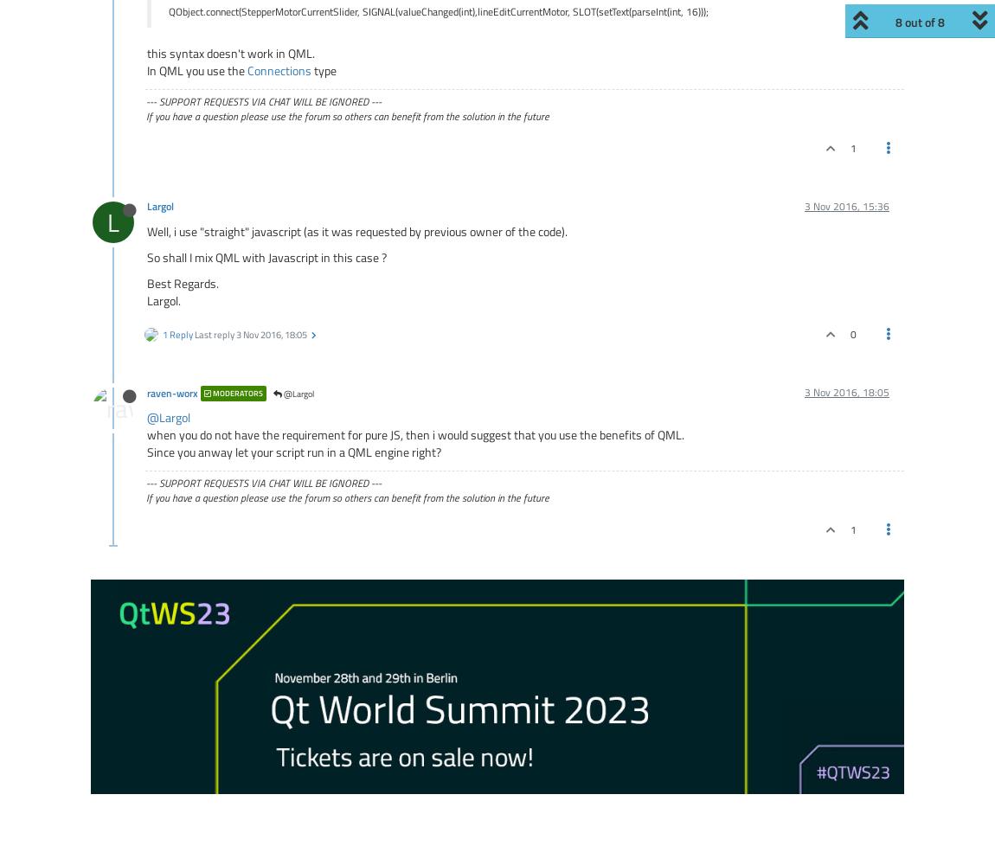 The image size is (995, 846). What do you see at coordinates (182, 281) in the screenshot?
I see `'Best Regards.'` at bounding box center [182, 281].